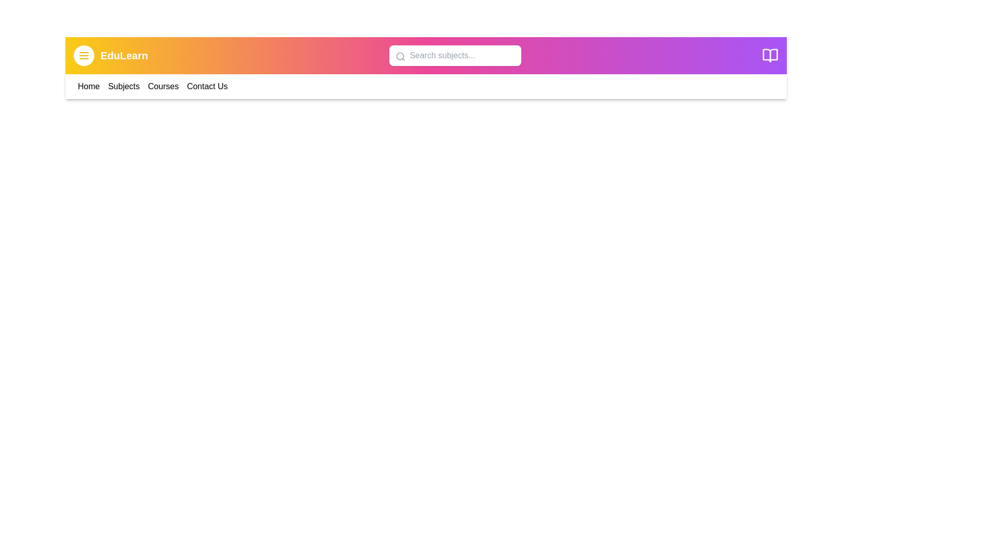  What do you see at coordinates (84, 56) in the screenshot?
I see `the menu toggle button to toggle the navigation menu` at bounding box center [84, 56].